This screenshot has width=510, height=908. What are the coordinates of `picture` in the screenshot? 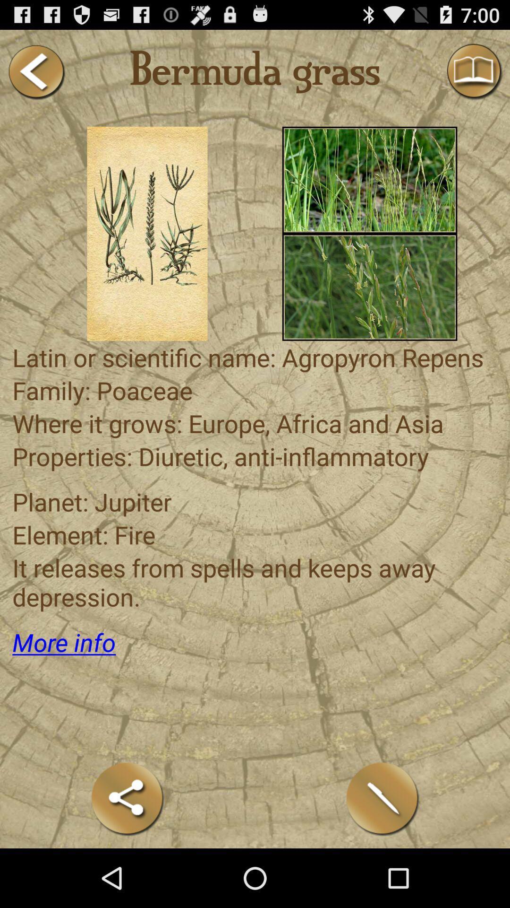 It's located at (369, 180).